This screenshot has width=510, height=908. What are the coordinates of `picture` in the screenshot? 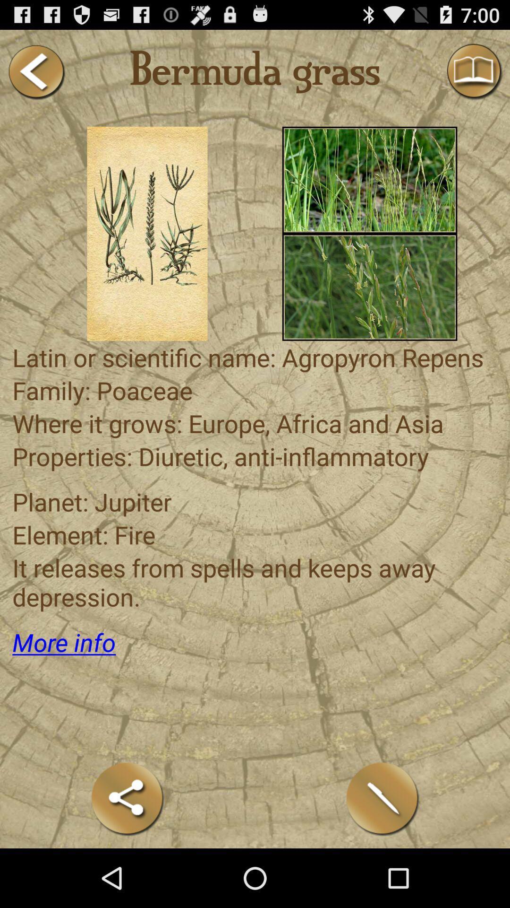 It's located at (369, 180).